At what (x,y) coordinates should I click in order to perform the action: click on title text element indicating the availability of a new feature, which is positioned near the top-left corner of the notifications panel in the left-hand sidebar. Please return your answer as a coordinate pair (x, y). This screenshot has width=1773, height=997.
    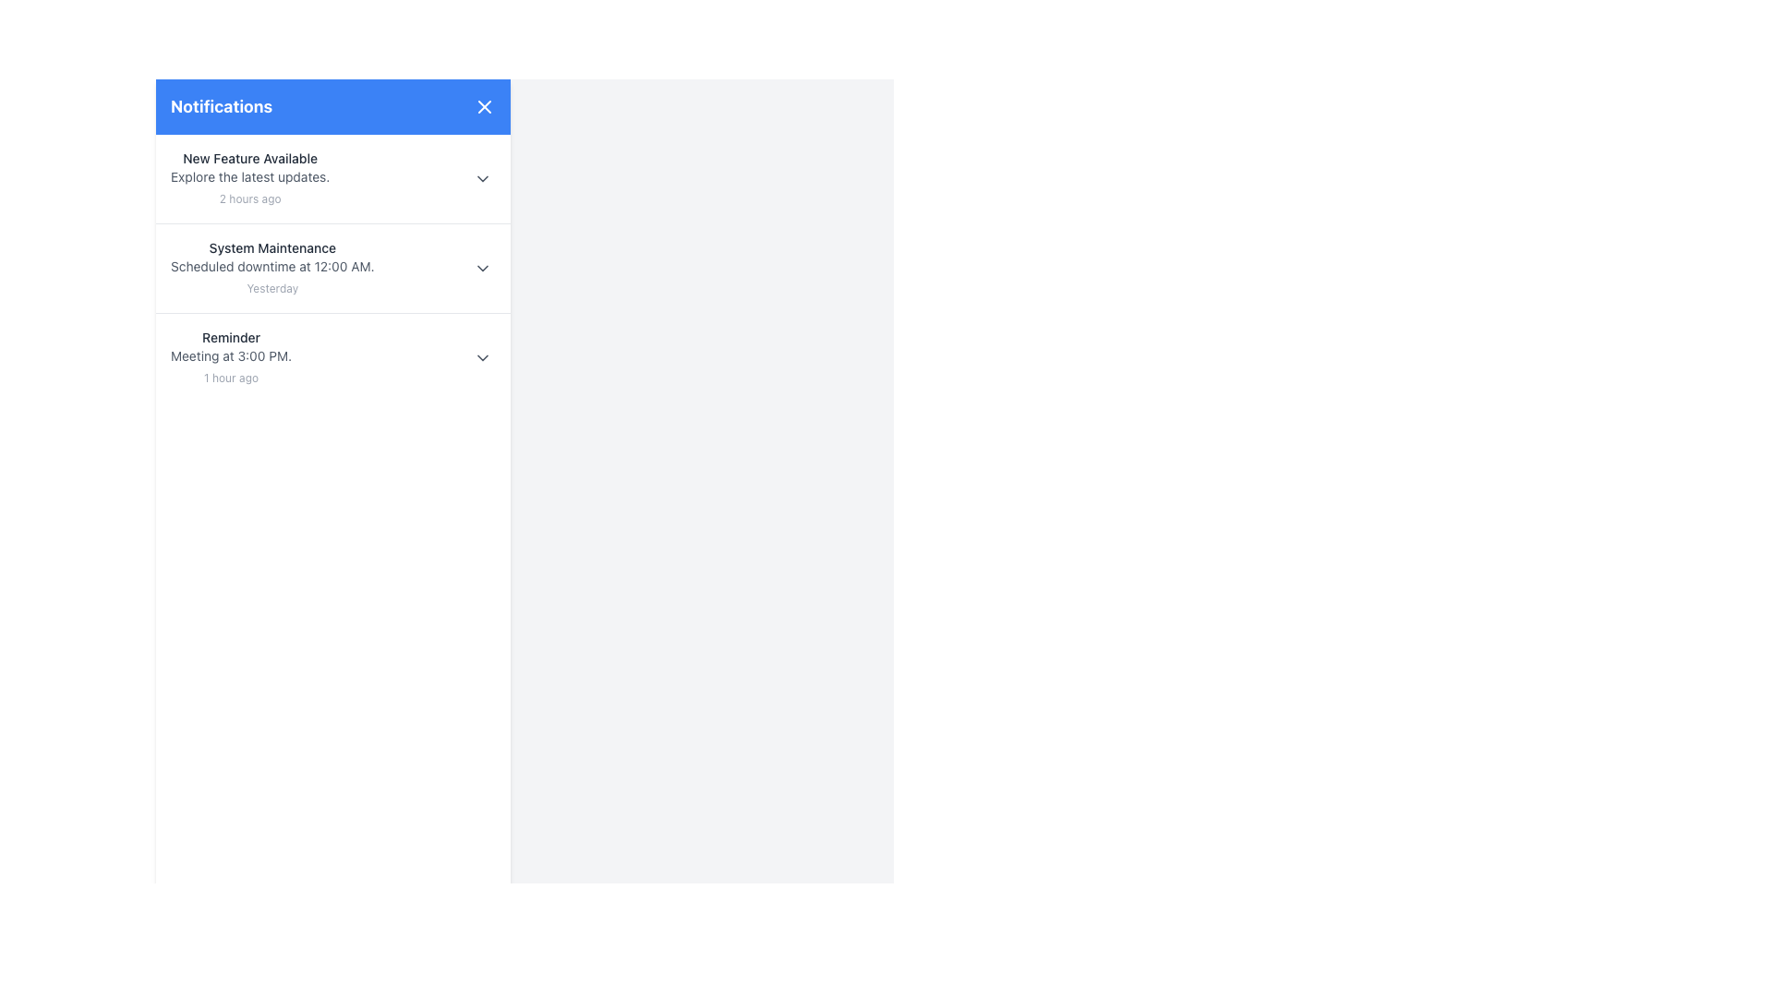
    Looking at the image, I should click on (249, 158).